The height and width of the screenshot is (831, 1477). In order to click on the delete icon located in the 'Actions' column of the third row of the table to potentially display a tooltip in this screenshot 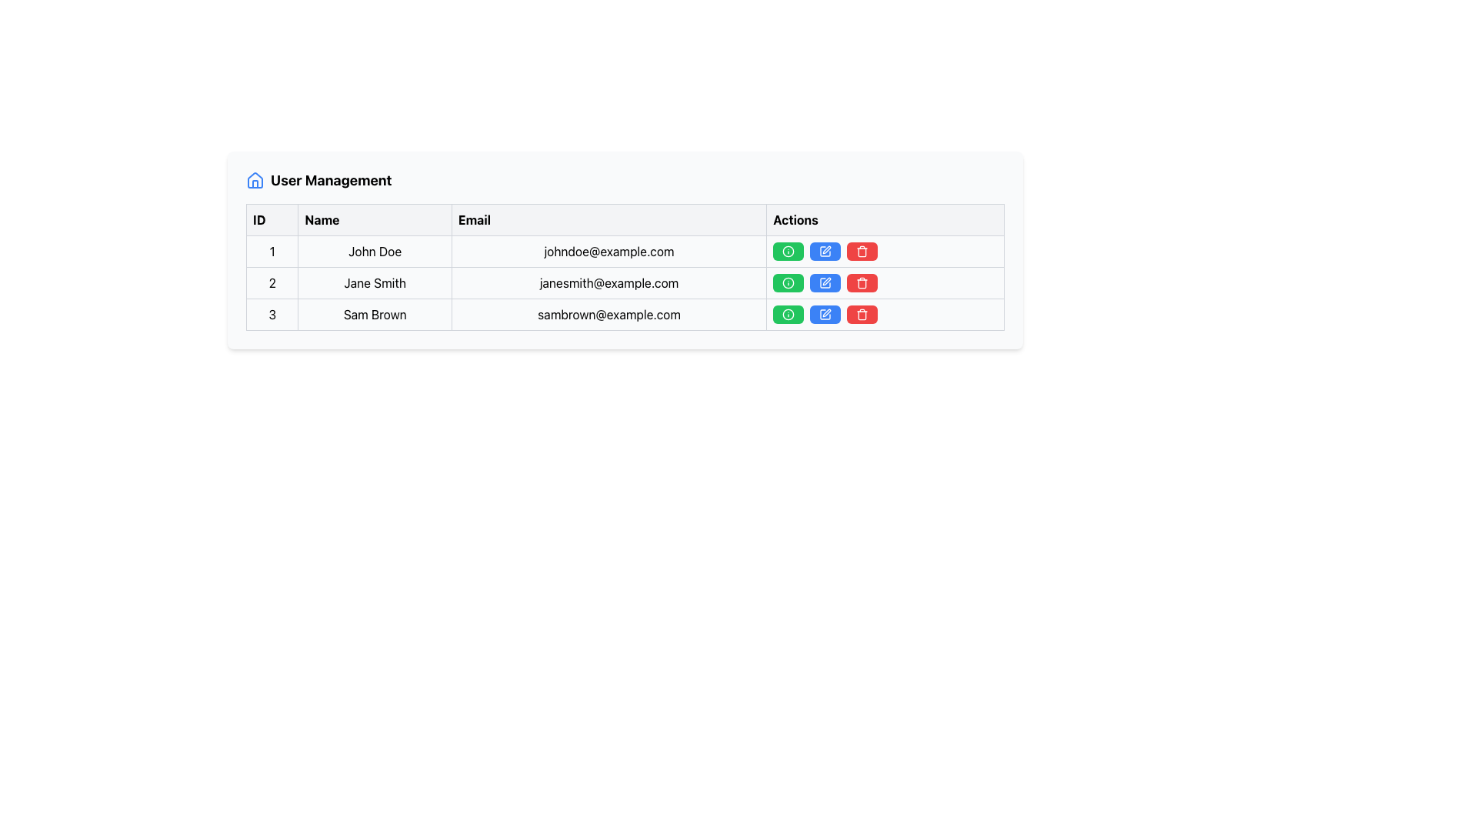, I will do `click(862, 313)`.